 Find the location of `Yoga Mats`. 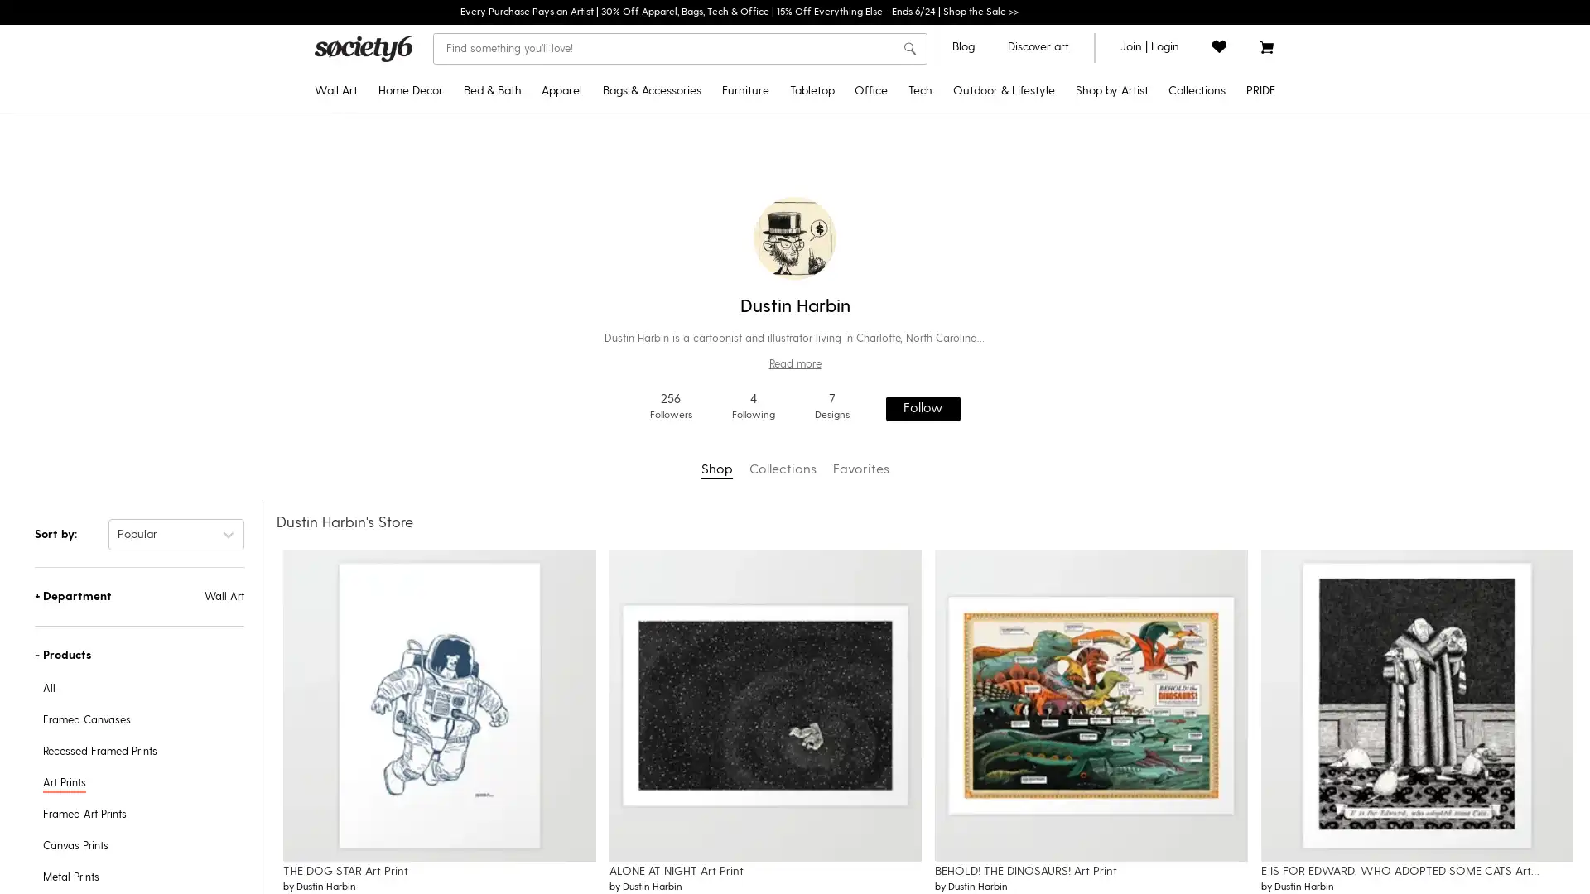

Yoga Mats is located at coordinates (1025, 160).